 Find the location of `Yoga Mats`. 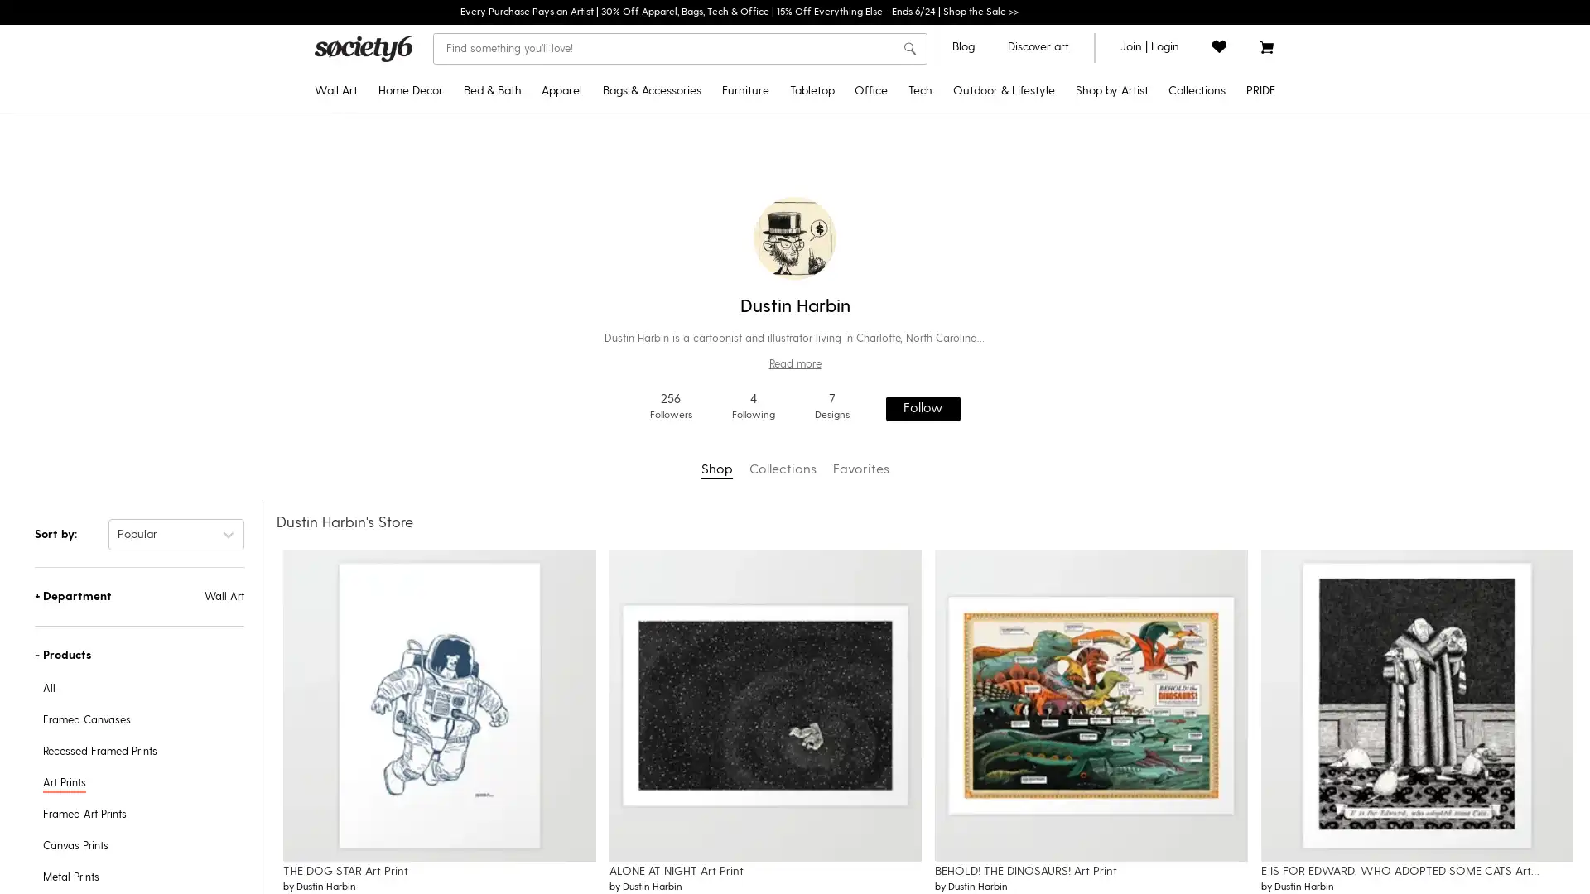

Yoga Mats is located at coordinates (1025, 160).